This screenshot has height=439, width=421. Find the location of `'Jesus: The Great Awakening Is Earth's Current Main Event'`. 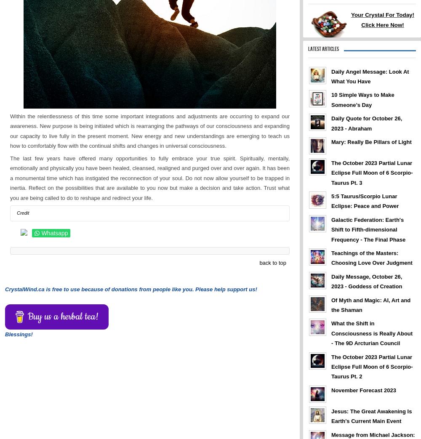

'Jesus: The Great Awakening Is Earth's Current Main Event' is located at coordinates (371, 416).